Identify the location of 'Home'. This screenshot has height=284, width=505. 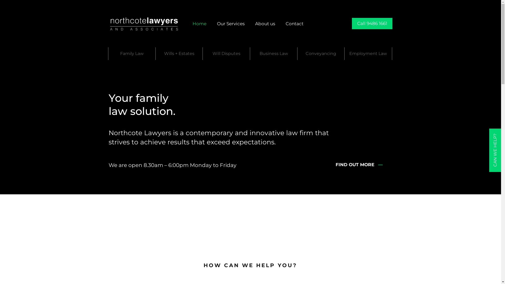
(199, 23).